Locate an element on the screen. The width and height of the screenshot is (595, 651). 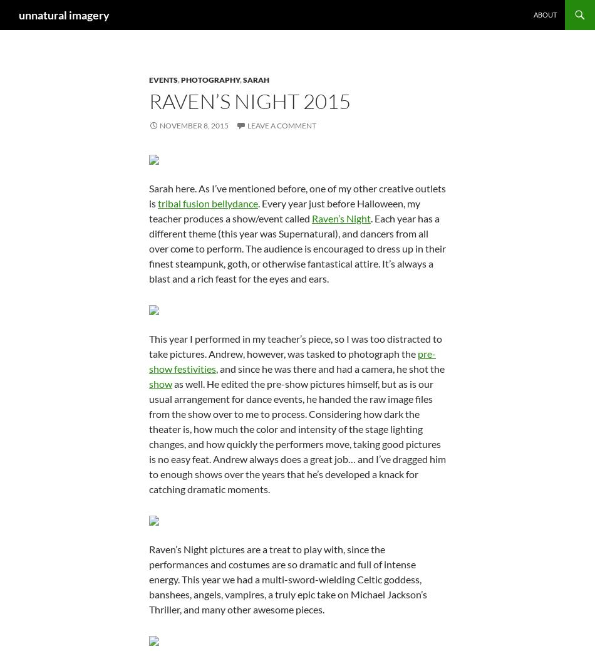
'Raven’s Night 2015' is located at coordinates (148, 100).